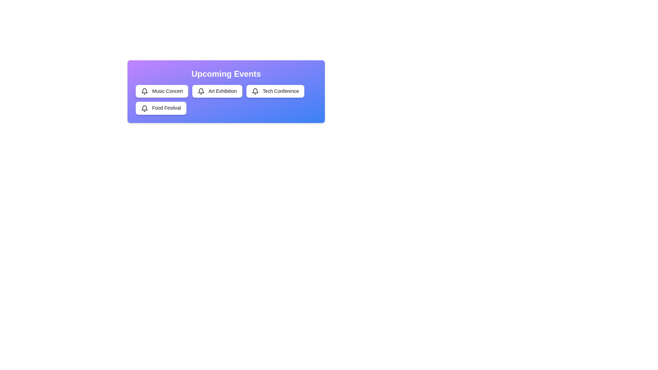  What do you see at coordinates (161, 108) in the screenshot?
I see `the event Food Festival by clicking its corresponding chip` at bounding box center [161, 108].